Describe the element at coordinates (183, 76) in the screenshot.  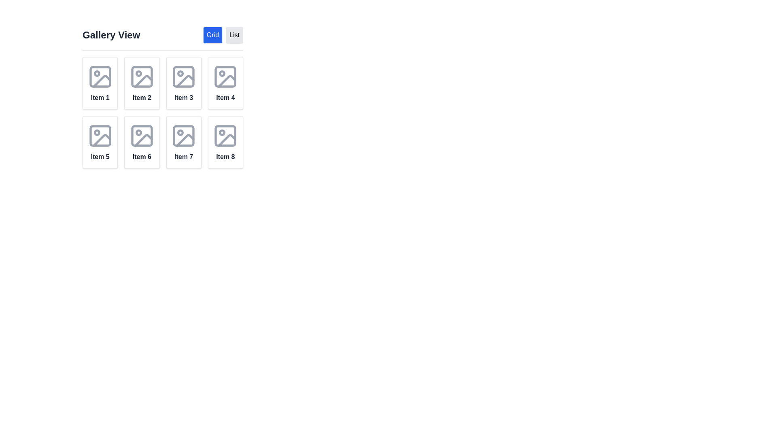
I see `the gray-colored picture frame icon located at the center of the card labeled 'Item 3' in the grid layout` at that location.